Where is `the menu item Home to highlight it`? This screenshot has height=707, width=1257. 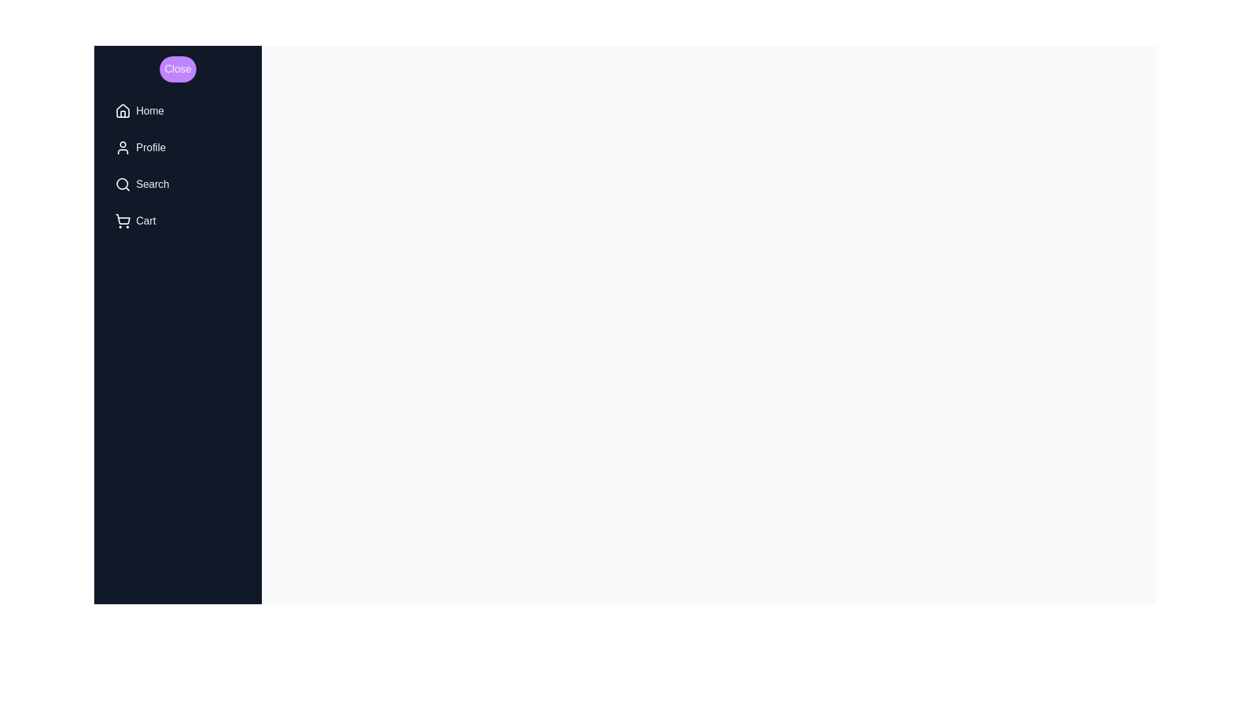
the menu item Home to highlight it is located at coordinates (177, 110).